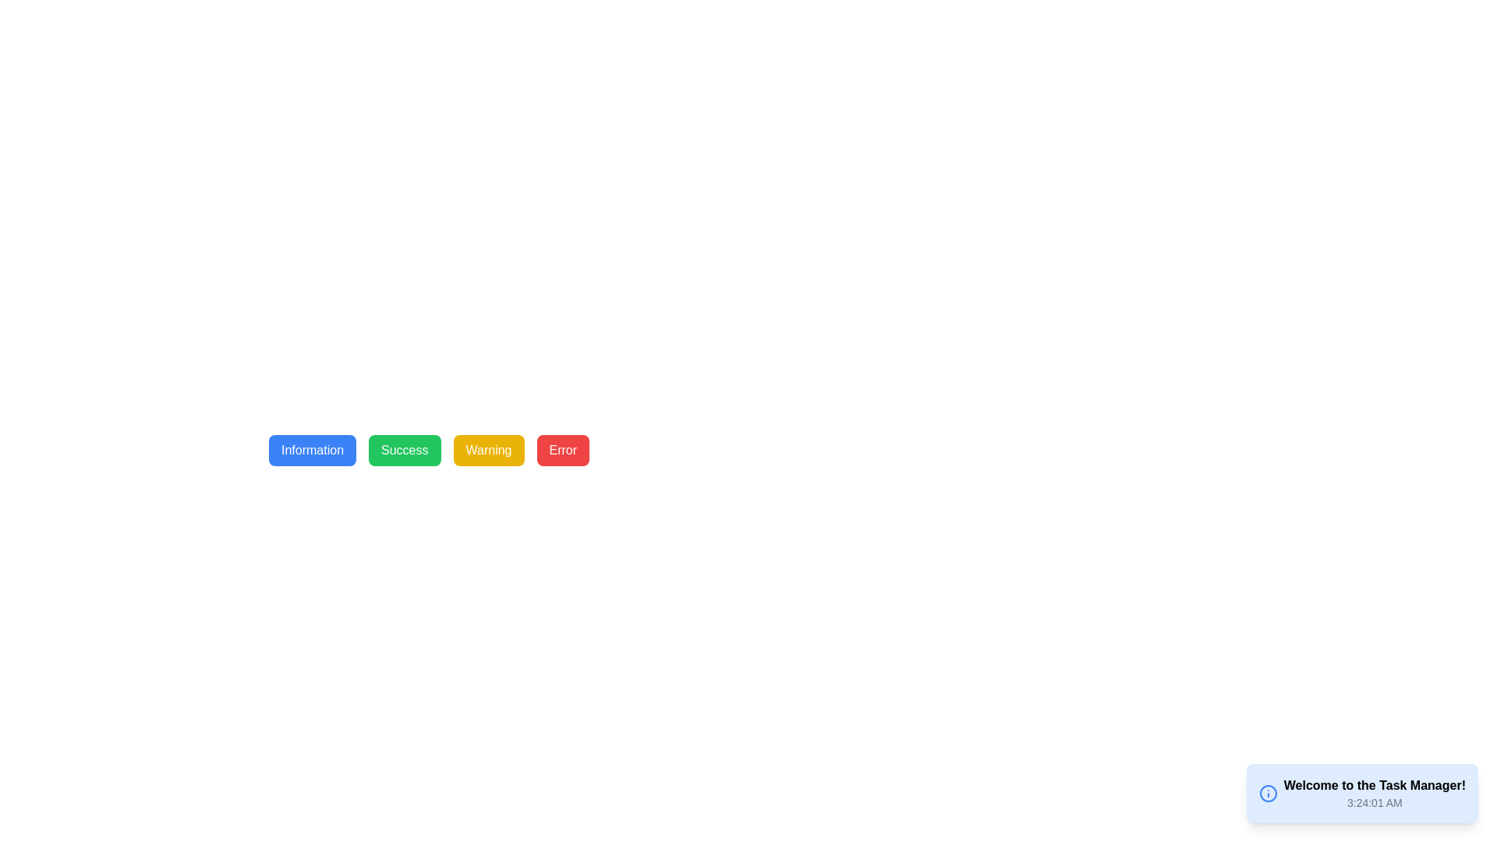 This screenshot has width=1497, height=842. Describe the element at coordinates (312, 451) in the screenshot. I see `the 'Information' button, which is the first button in a horizontal group of four buttons including 'Information', 'Success', 'Warning', and 'Error', to invoke its action` at that location.